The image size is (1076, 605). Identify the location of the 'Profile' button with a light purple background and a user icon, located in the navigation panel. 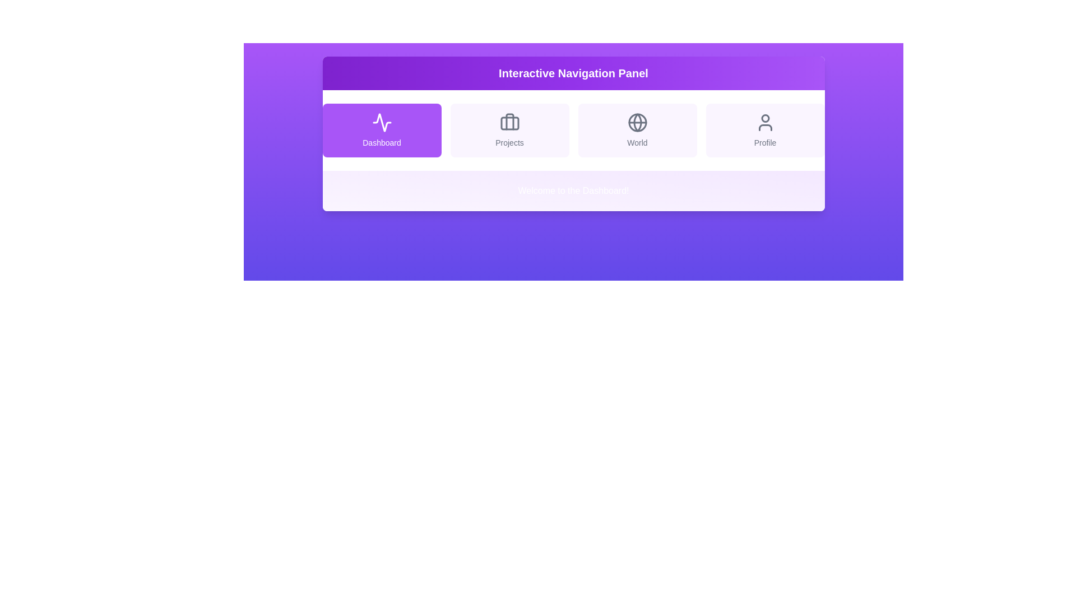
(764, 129).